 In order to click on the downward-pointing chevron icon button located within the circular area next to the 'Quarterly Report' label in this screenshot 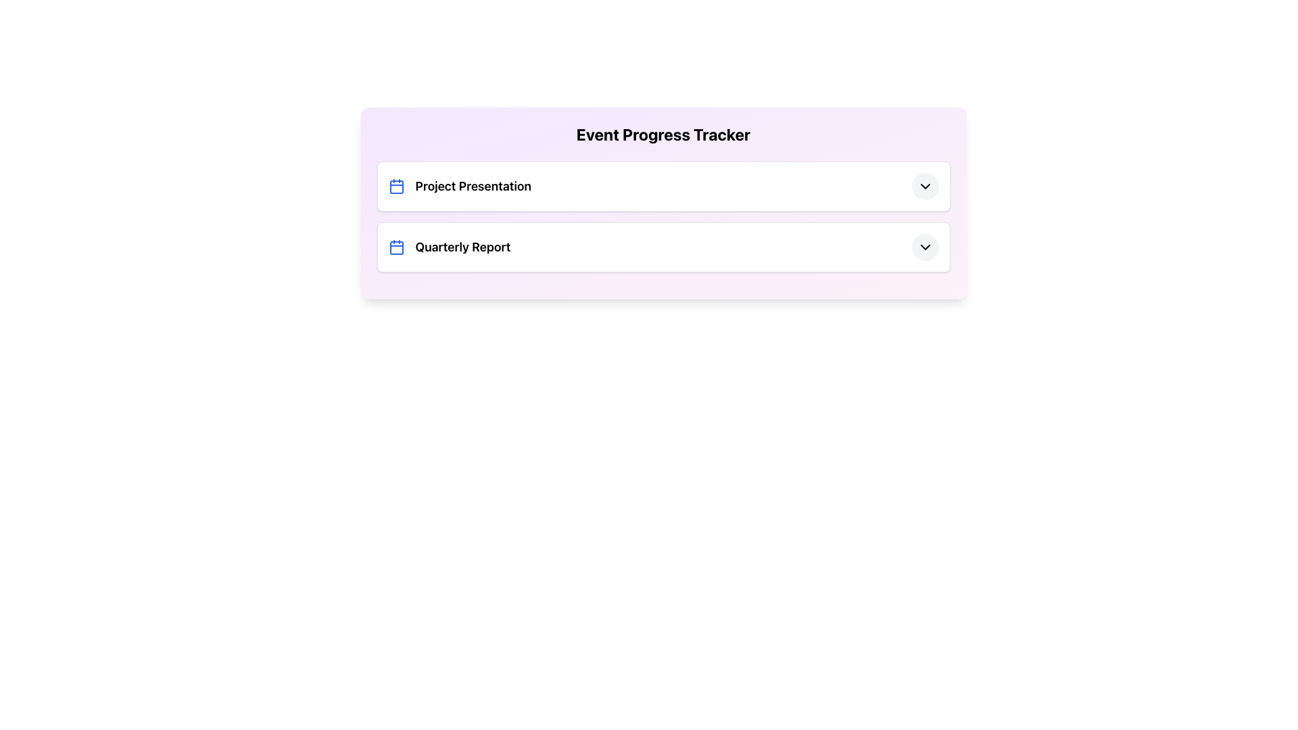, I will do `click(924, 247)`.